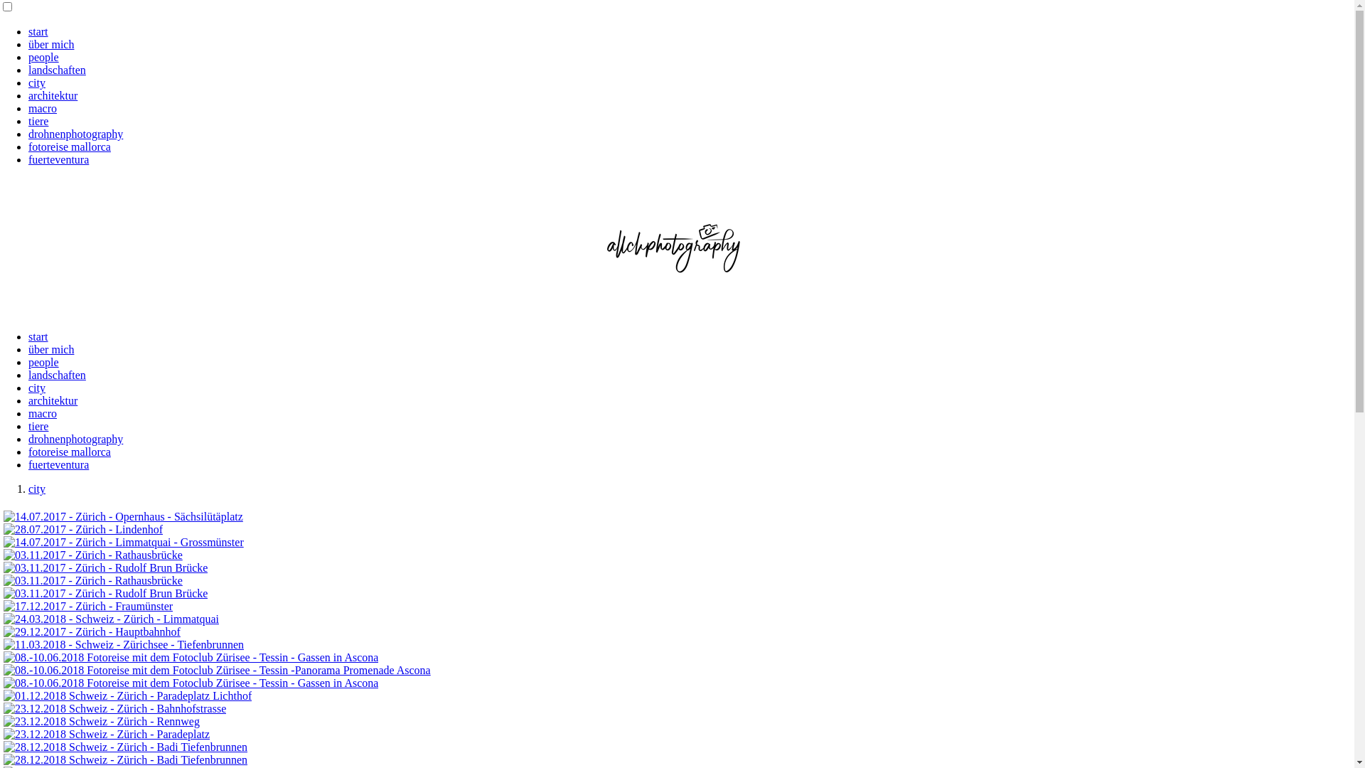 This screenshot has width=1365, height=768. I want to click on 'city', so click(37, 388).